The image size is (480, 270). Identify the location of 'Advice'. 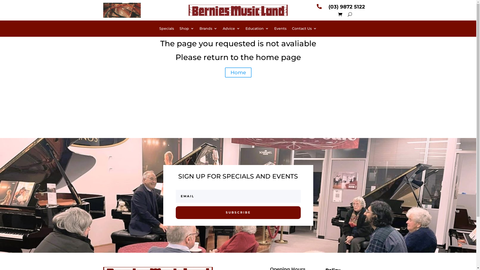
(222, 29).